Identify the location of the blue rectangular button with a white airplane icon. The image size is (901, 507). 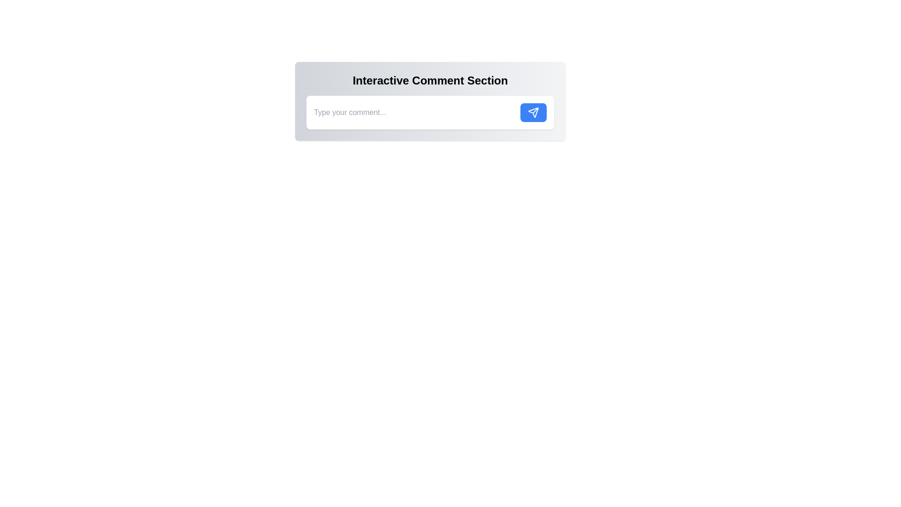
(534, 112).